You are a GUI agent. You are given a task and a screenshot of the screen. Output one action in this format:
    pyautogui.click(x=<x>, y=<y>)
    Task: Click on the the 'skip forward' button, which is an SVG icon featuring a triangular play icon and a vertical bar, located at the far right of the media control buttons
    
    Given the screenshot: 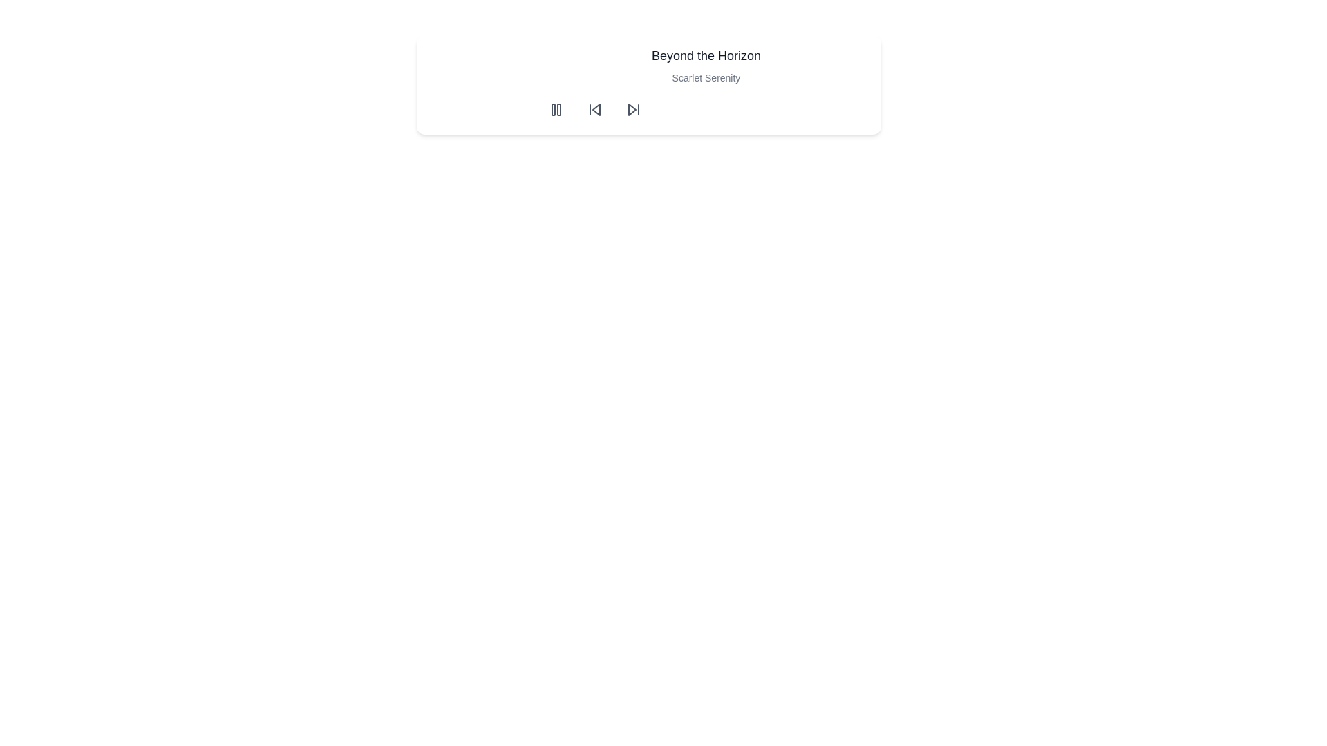 What is the action you would take?
    pyautogui.click(x=632, y=108)
    